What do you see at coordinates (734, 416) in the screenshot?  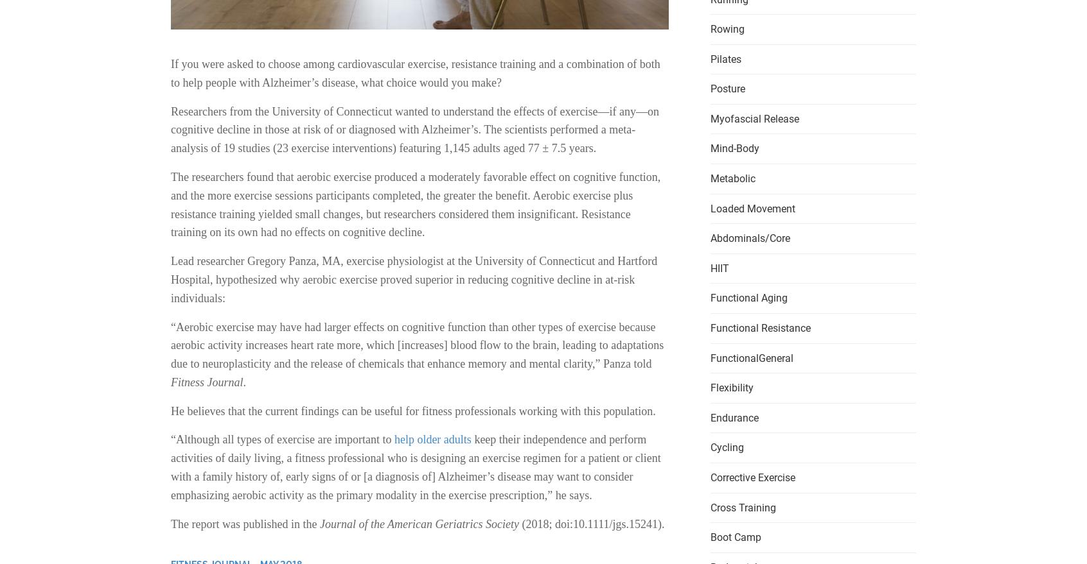 I see `'Endurance'` at bounding box center [734, 416].